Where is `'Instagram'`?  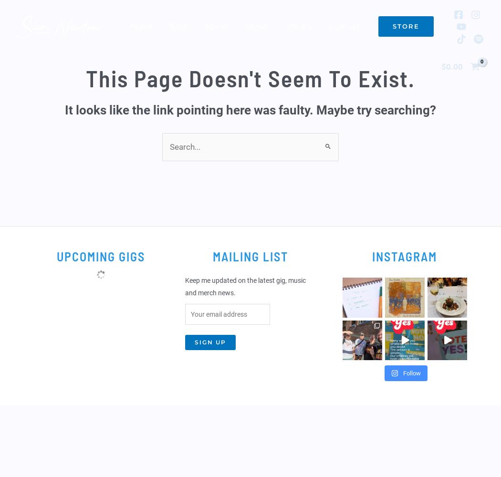 'Instagram' is located at coordinates (404, 256).